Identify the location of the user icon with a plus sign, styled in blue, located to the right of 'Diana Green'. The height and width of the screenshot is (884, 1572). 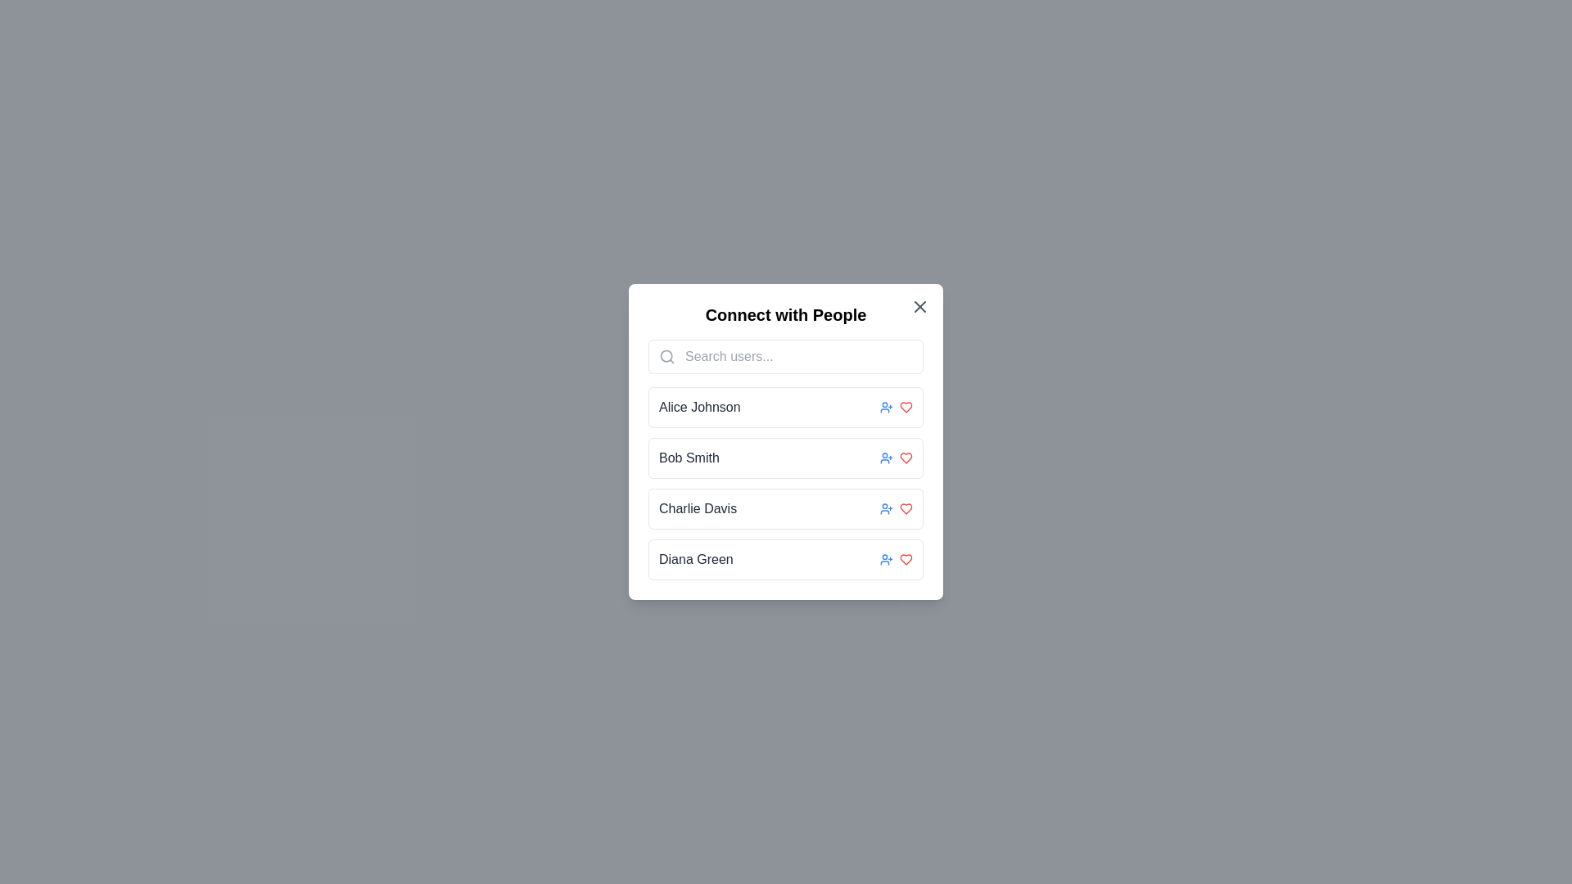
(886, 558).